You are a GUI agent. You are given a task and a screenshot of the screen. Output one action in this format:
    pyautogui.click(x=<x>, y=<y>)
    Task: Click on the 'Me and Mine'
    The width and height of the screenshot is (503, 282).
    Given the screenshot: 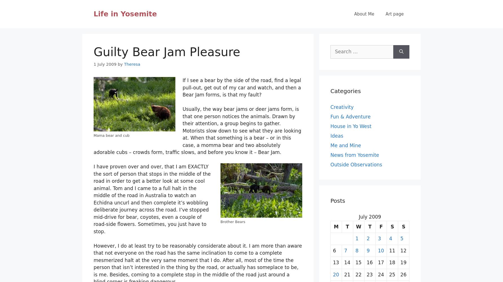 What is the action you would take?
    pyautogui.click(x=330, y=145)
    